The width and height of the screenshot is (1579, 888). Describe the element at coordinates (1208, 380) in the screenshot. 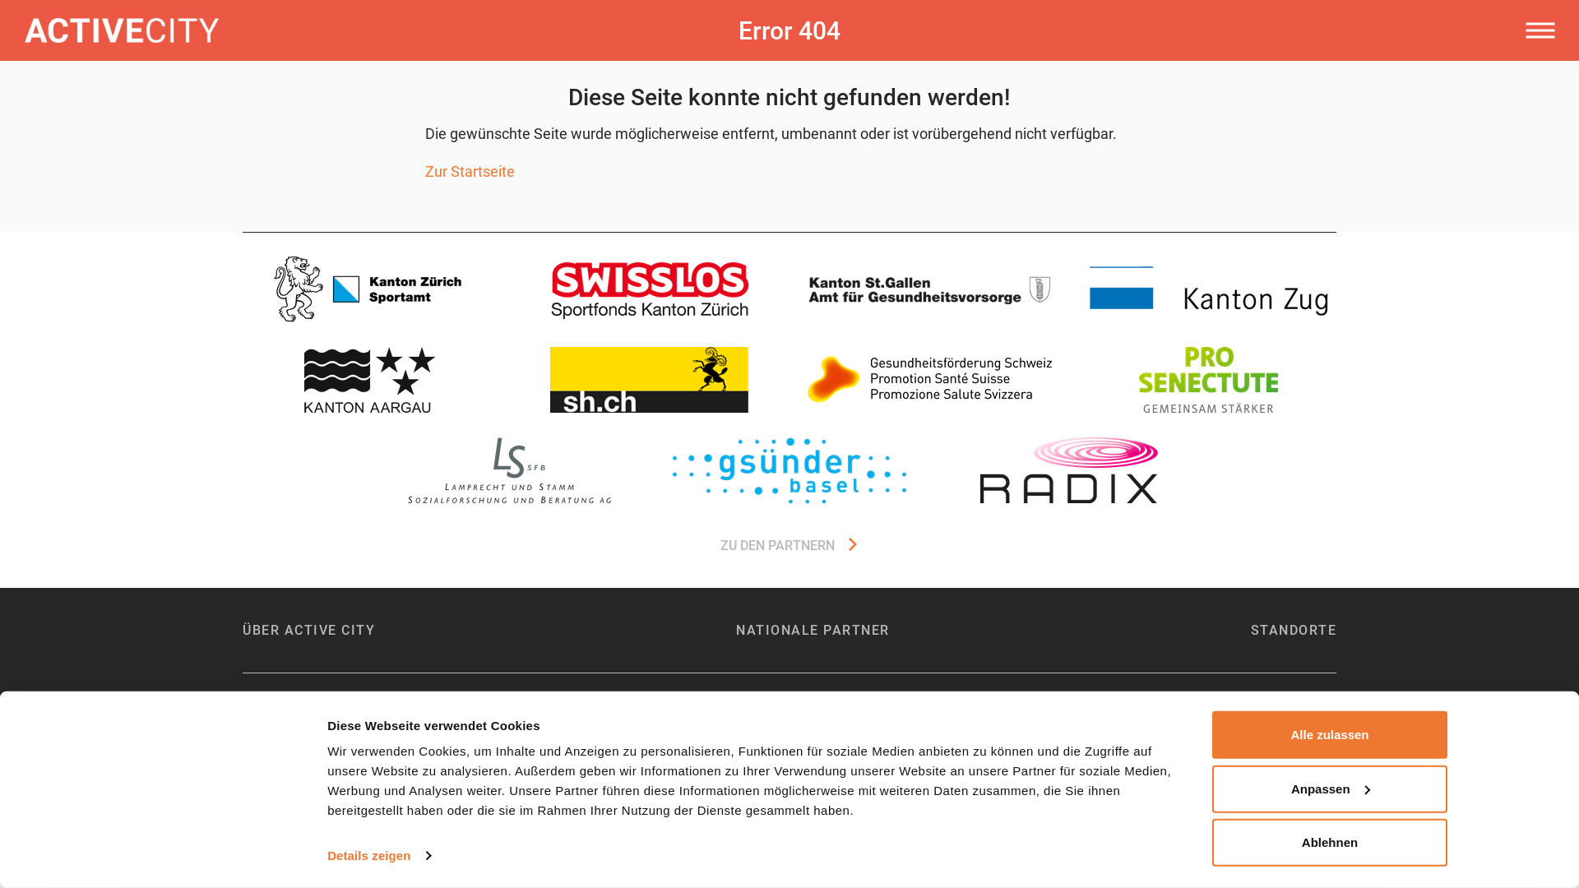

I see `'Pro Senectute Schweiz'` at that location.